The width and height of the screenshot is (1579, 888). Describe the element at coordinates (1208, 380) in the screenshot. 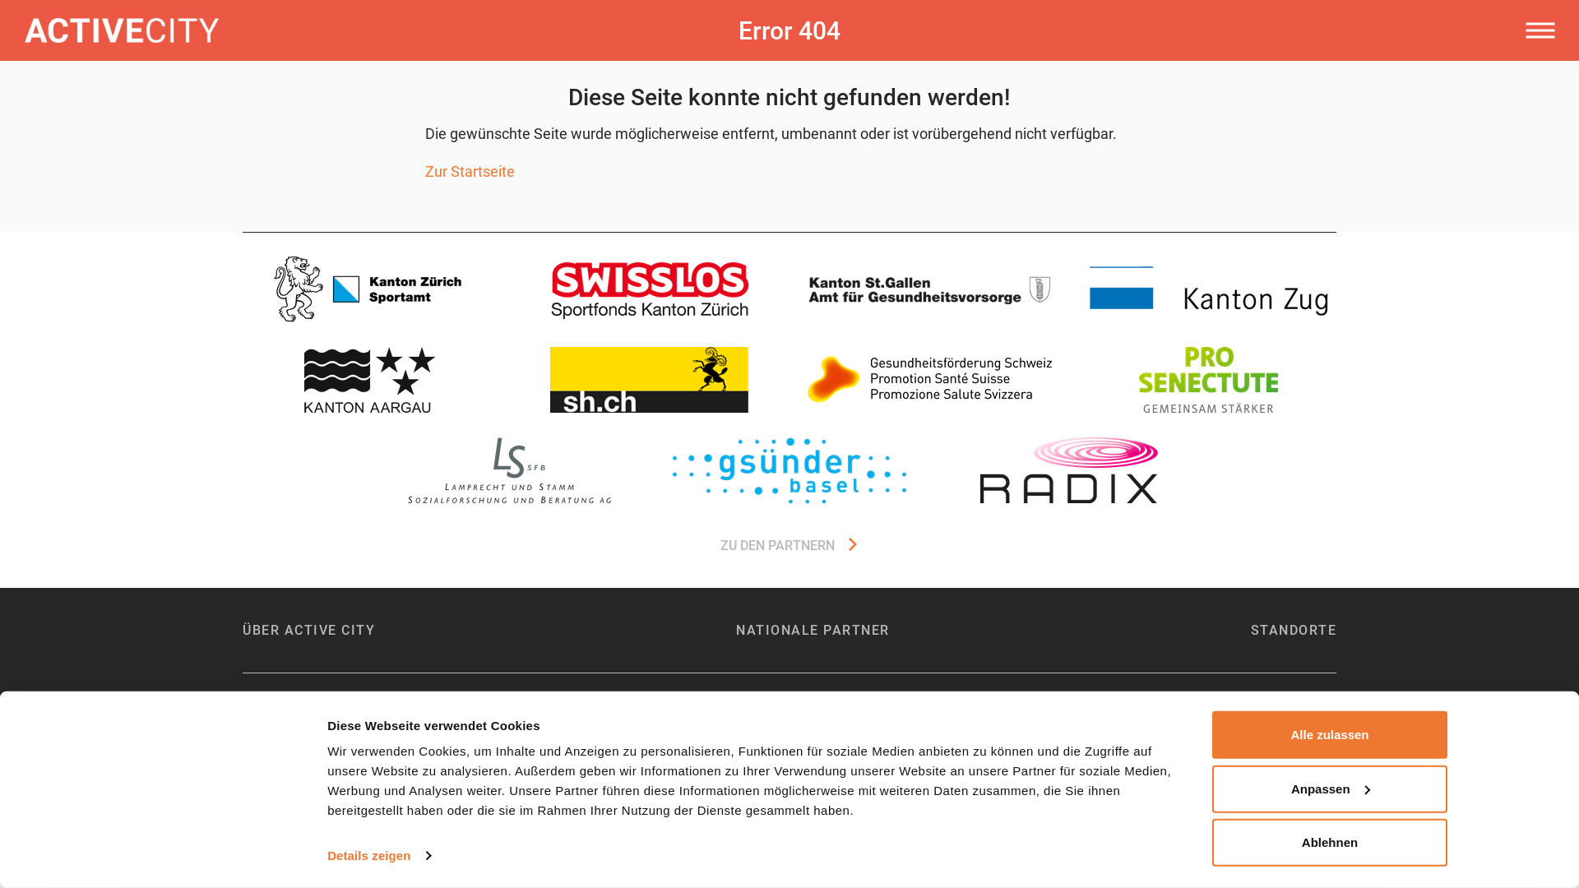

I see `'Pro Senectute Schweiz'` at that location.